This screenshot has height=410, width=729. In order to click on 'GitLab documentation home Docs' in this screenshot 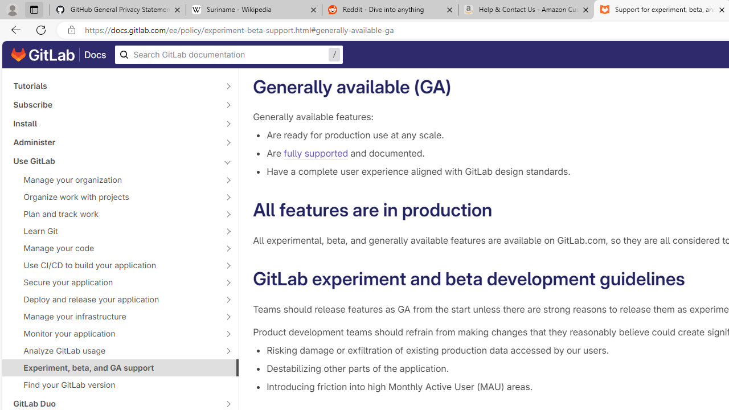, I will do `click(58, 55)`.